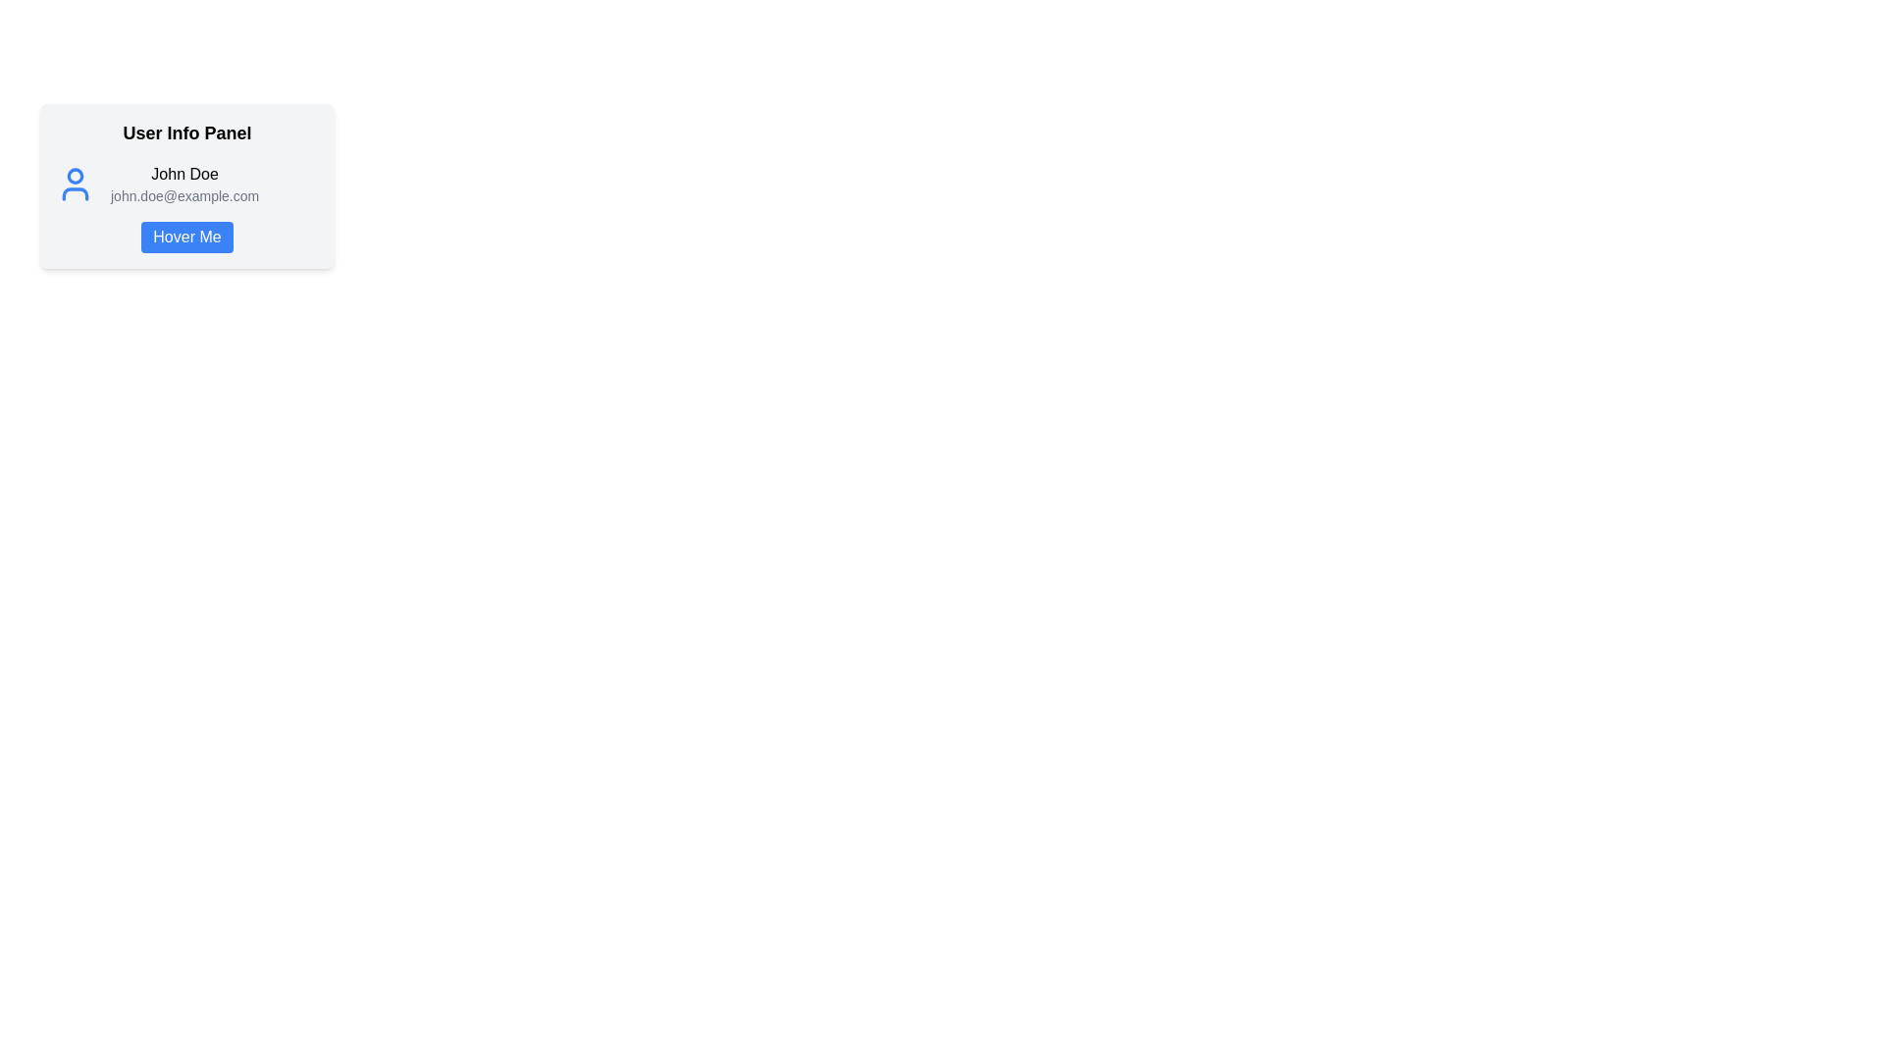  Describe the element at coordinates (75, 174) in the screenshot. I see `the upper circular shape of the user avatar icon, which visually represents the head in the SVG graphic` at that location.